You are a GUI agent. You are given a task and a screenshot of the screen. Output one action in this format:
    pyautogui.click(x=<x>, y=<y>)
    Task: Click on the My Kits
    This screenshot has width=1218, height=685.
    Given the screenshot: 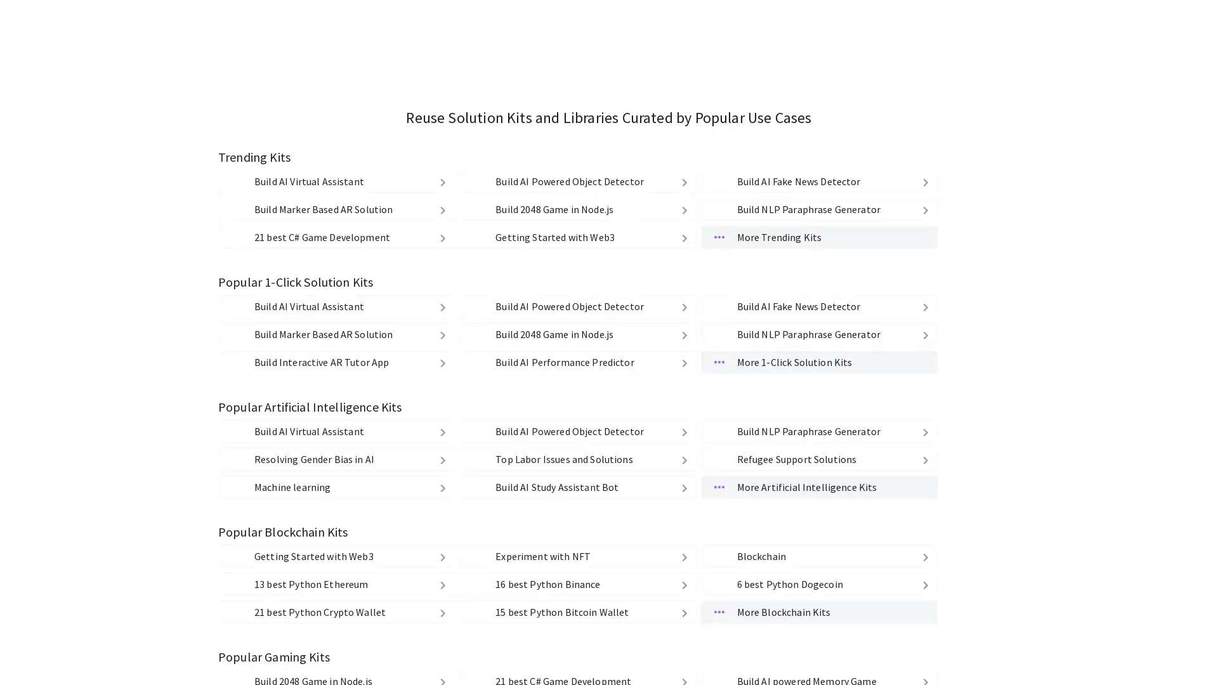 What is the action you would take?
    pyautogui.click(x=943, y=68)
    